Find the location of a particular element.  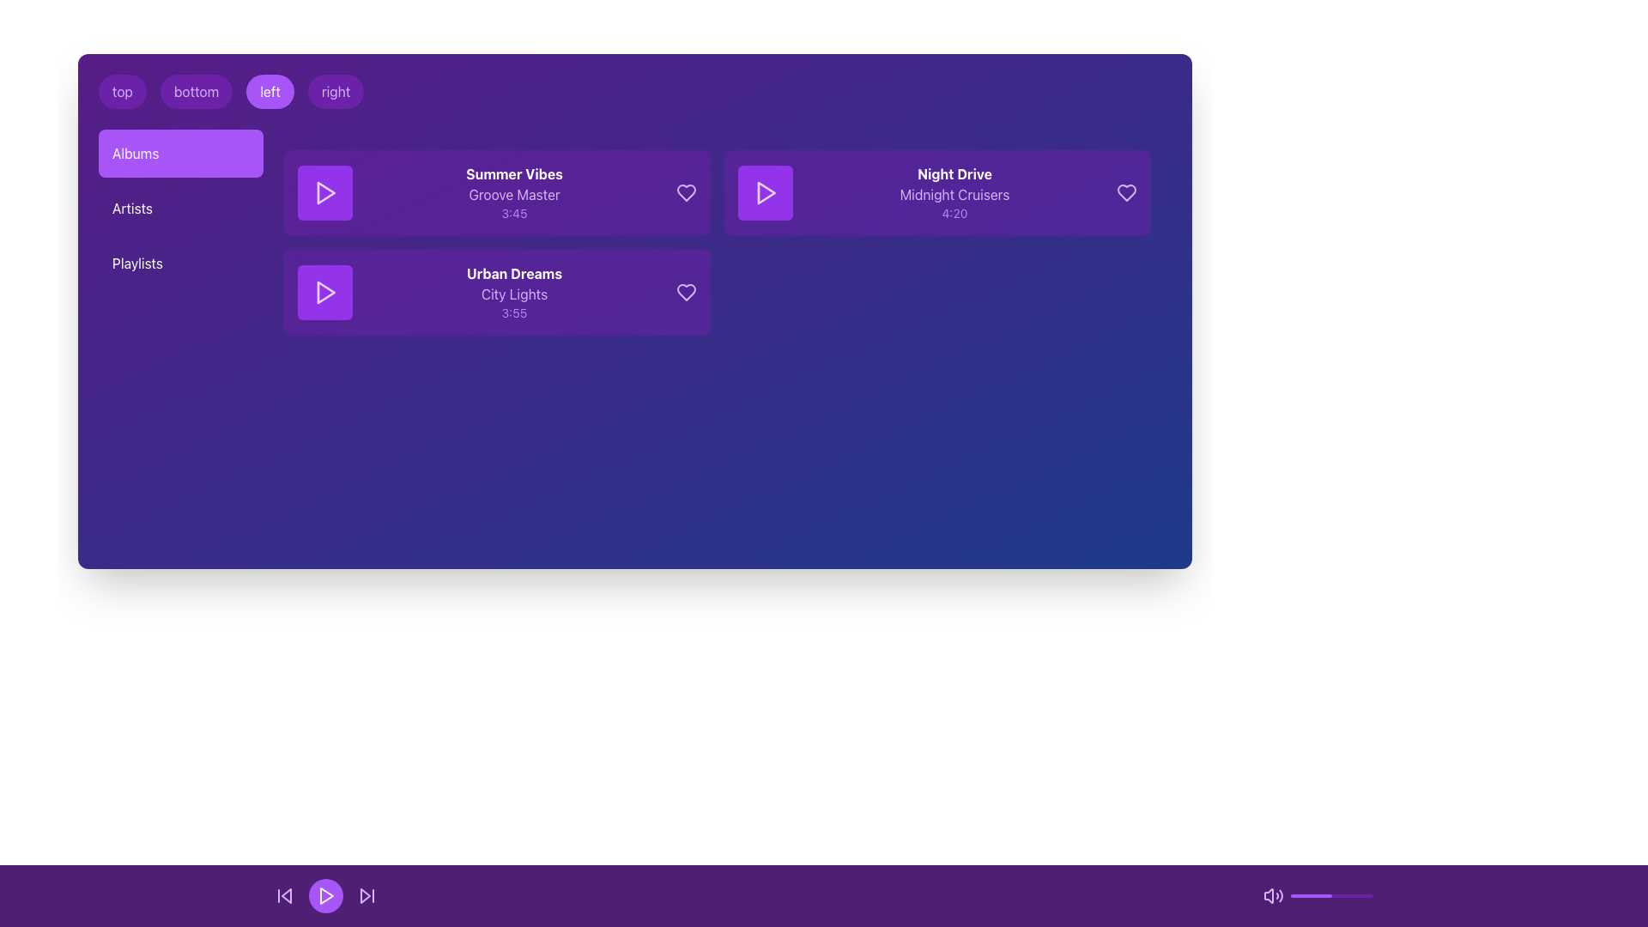

the Text Block that displays the details of a music track, including the title, artist name, and duration, located in the second section to the right of the purple play button icon is located at coordinates (513, 192).